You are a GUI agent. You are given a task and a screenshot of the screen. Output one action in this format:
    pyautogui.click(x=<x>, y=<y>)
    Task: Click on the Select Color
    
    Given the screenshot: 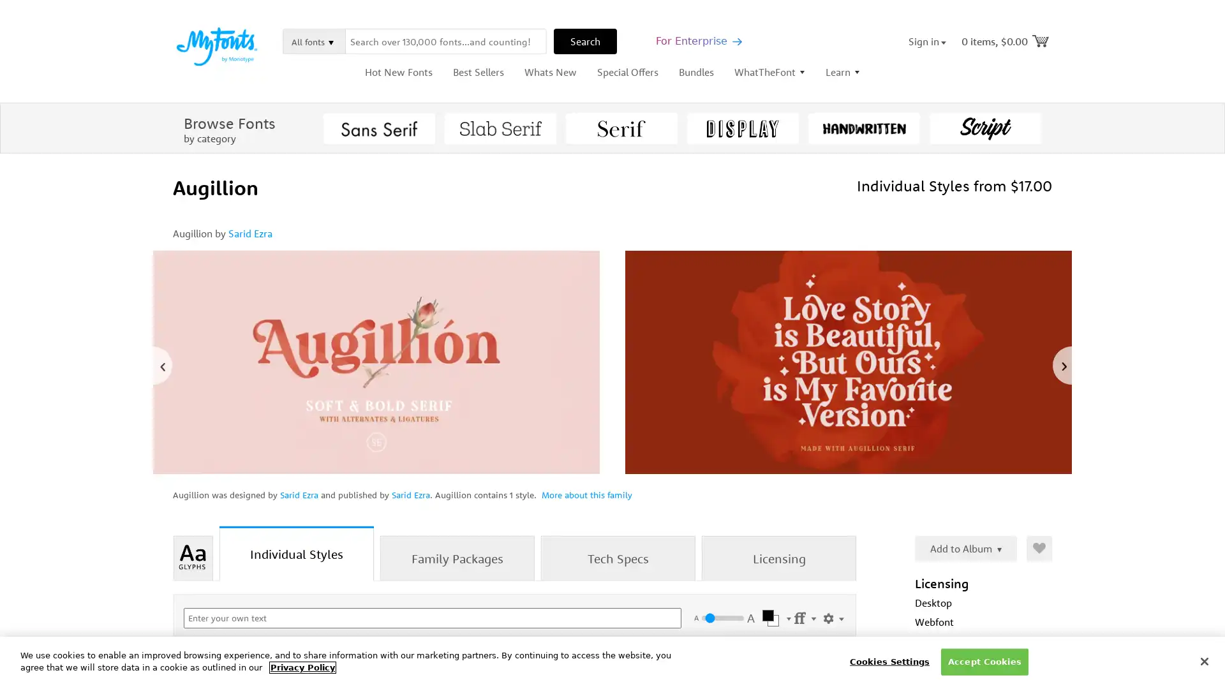 What is the action you would take?
    pyautogui.click(x=774, y=618)
    